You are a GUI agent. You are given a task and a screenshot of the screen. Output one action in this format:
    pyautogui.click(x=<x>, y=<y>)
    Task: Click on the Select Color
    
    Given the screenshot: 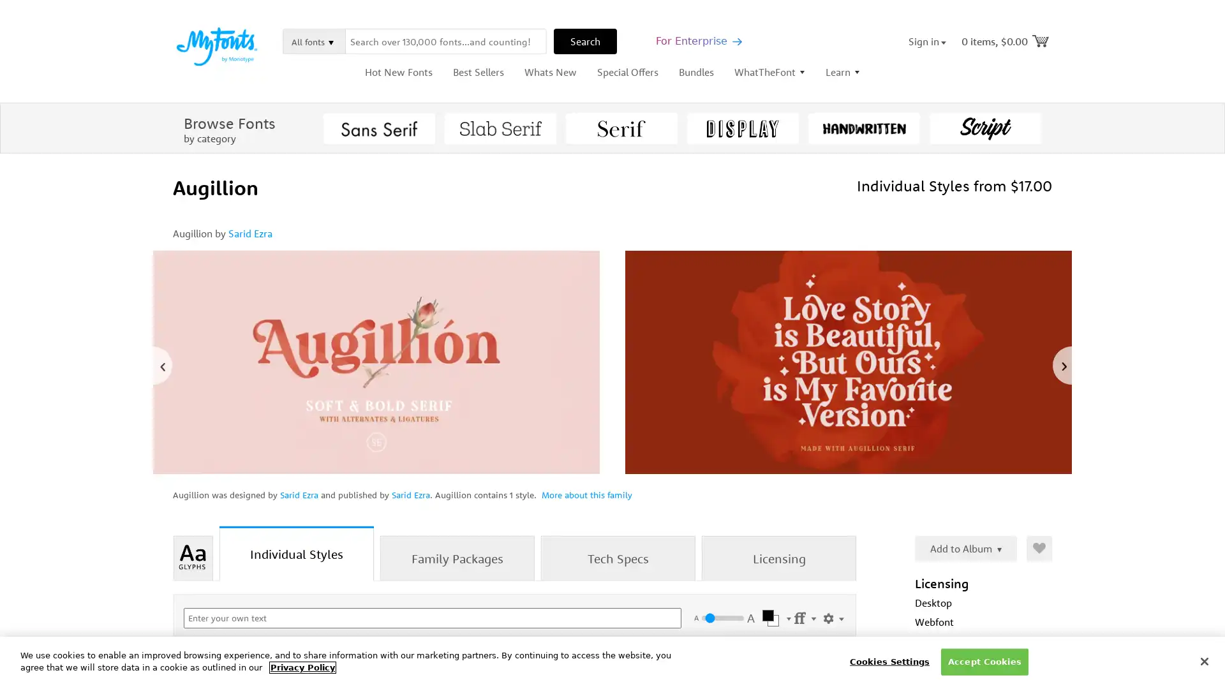 What is the action you would take?
    pyautogui.click(x=774, y=618)
    